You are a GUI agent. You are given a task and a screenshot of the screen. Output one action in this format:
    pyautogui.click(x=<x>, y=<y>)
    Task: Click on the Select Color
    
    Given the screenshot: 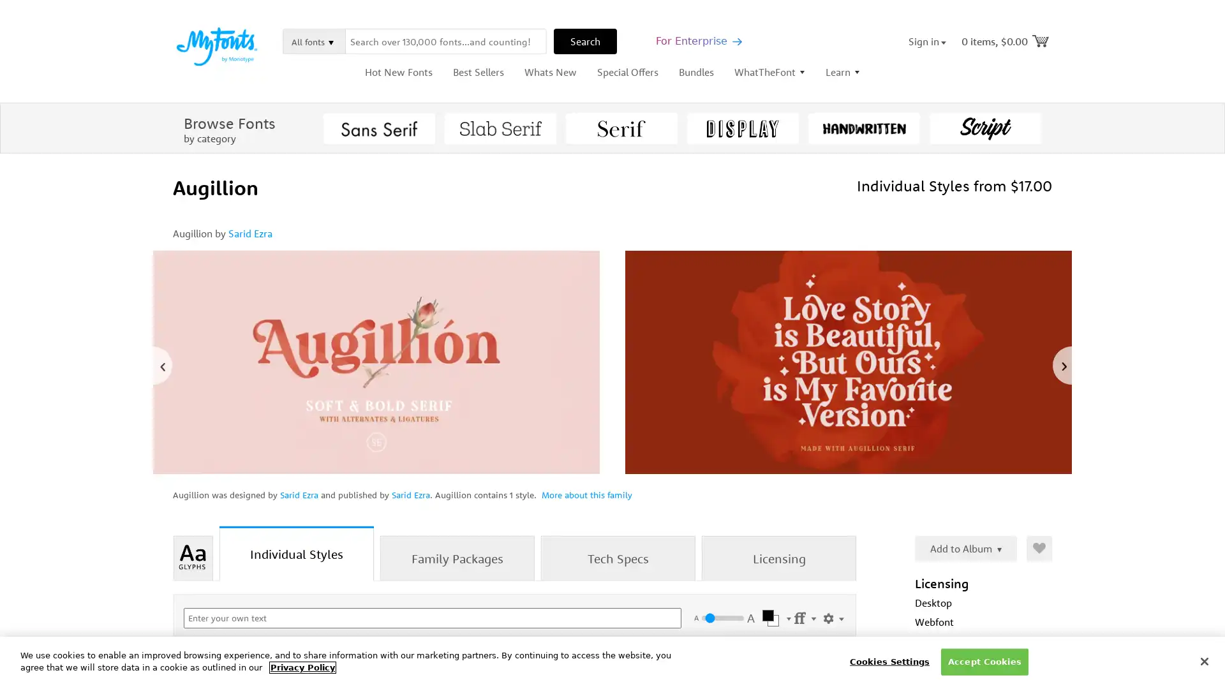 What is the action you would take?
    pyautogui.click(x=774, y=618)
    